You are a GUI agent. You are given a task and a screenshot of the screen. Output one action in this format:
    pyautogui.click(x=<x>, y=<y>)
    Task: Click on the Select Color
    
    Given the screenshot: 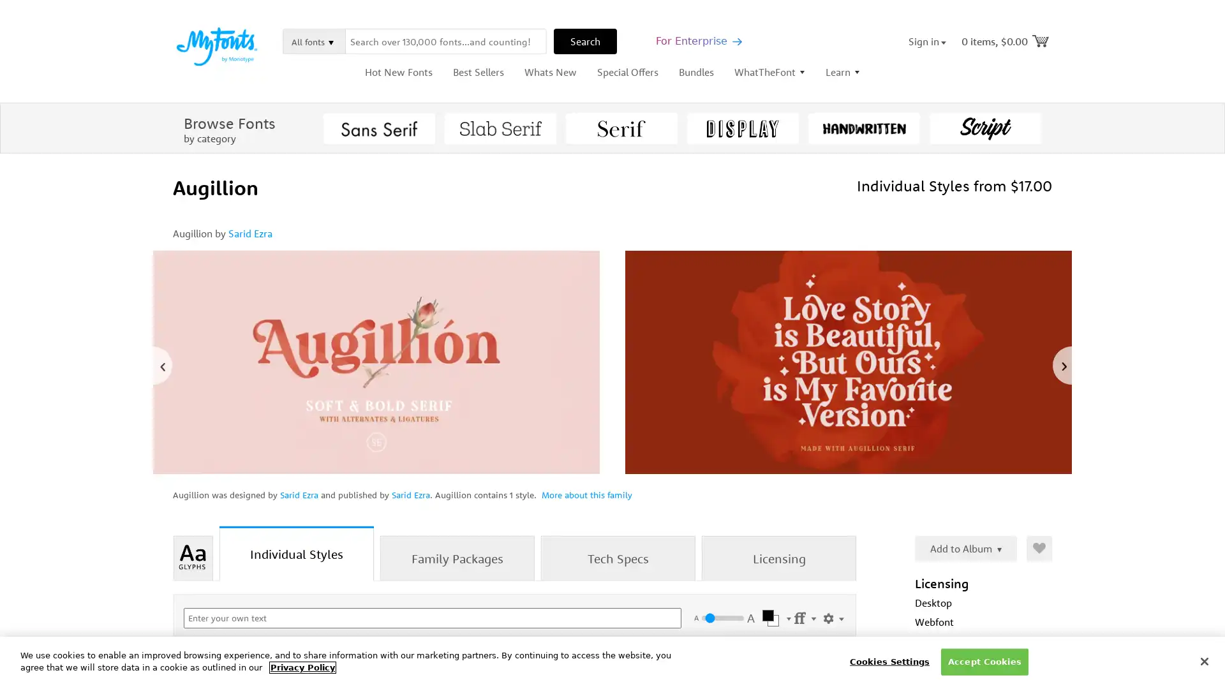 What is the action you would take?
    pyautogui.click(x=774, y=618)
    